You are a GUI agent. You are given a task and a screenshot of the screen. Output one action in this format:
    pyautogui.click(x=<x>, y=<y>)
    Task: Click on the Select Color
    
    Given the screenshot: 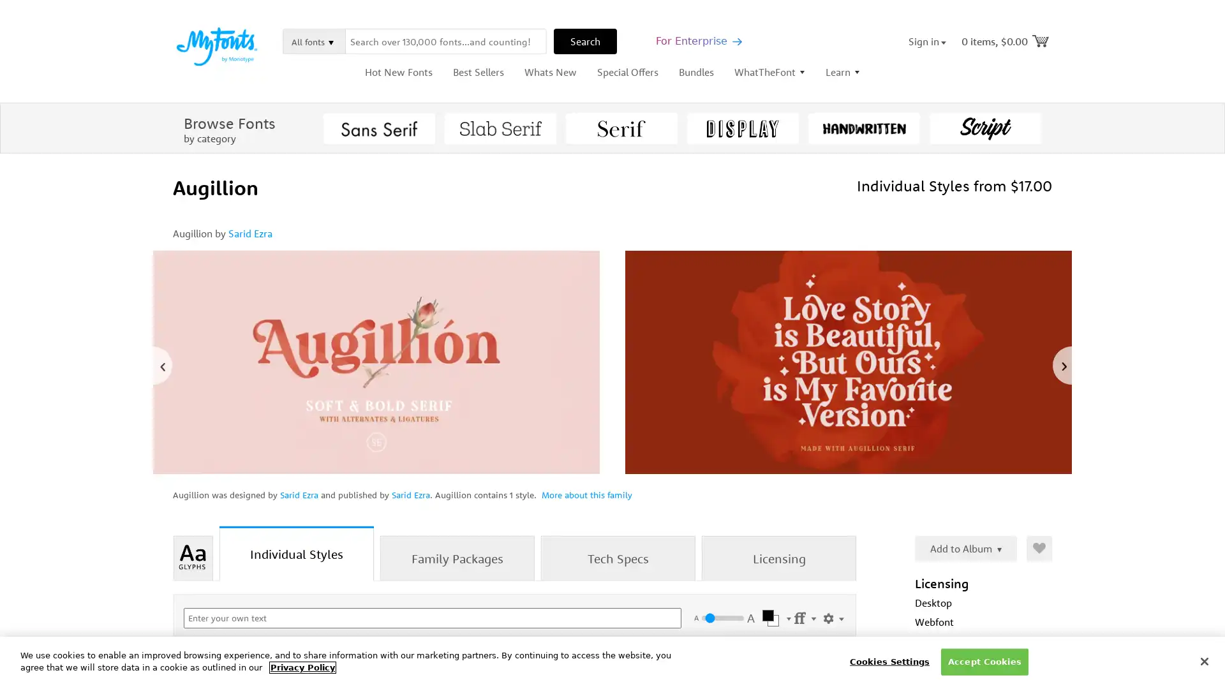 What is the action you would take?
    pyautogui.click(x=774, y=618)
    